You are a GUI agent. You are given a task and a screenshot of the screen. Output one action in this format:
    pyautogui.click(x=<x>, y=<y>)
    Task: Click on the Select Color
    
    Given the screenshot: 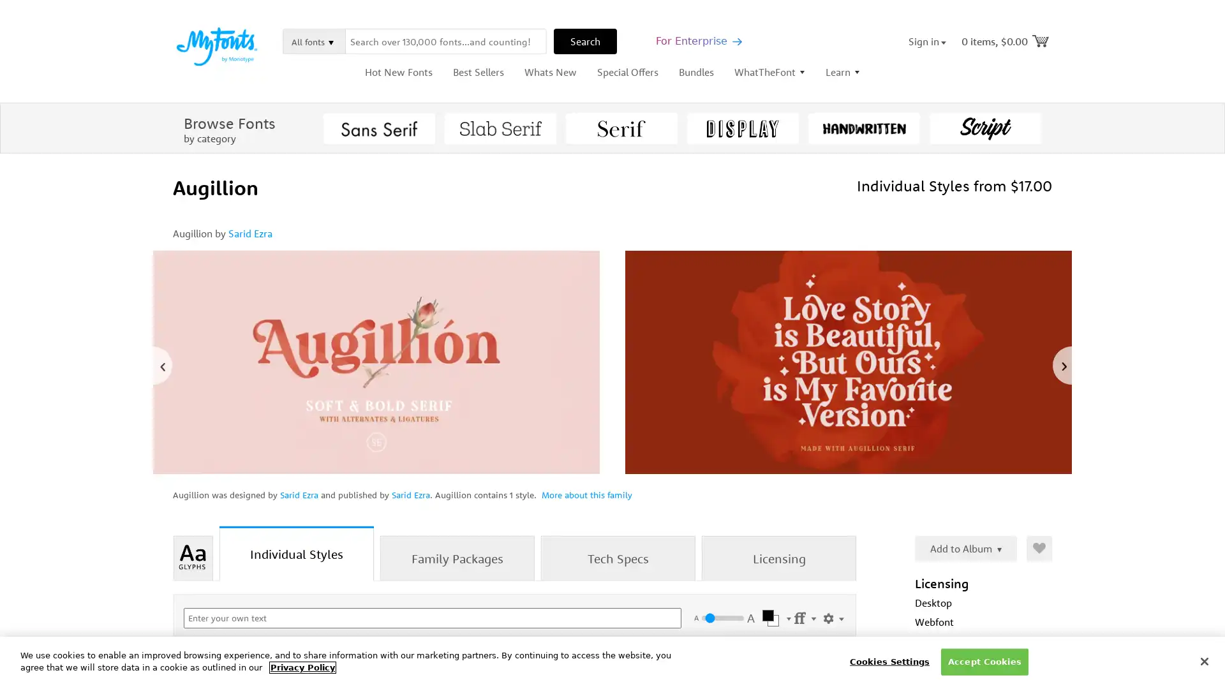 What is the action you would take?
    pyautogui.click(x=774, y=618)
    